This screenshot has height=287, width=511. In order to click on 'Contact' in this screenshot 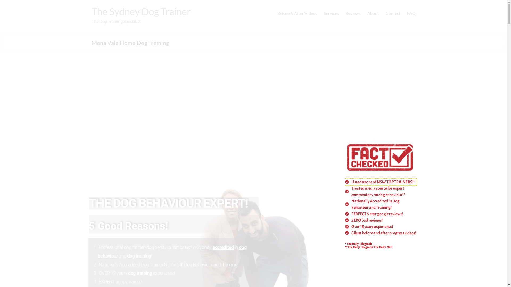, I will do `click(393, 13)`.